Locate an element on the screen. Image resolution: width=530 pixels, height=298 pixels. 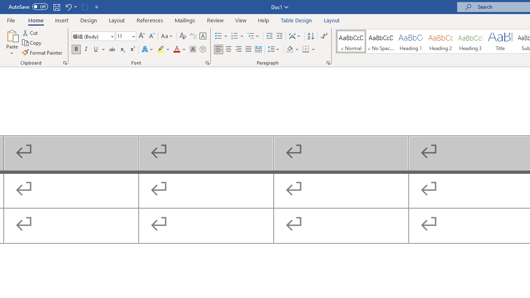
'Superscript' is located at coordinates (132, 49).